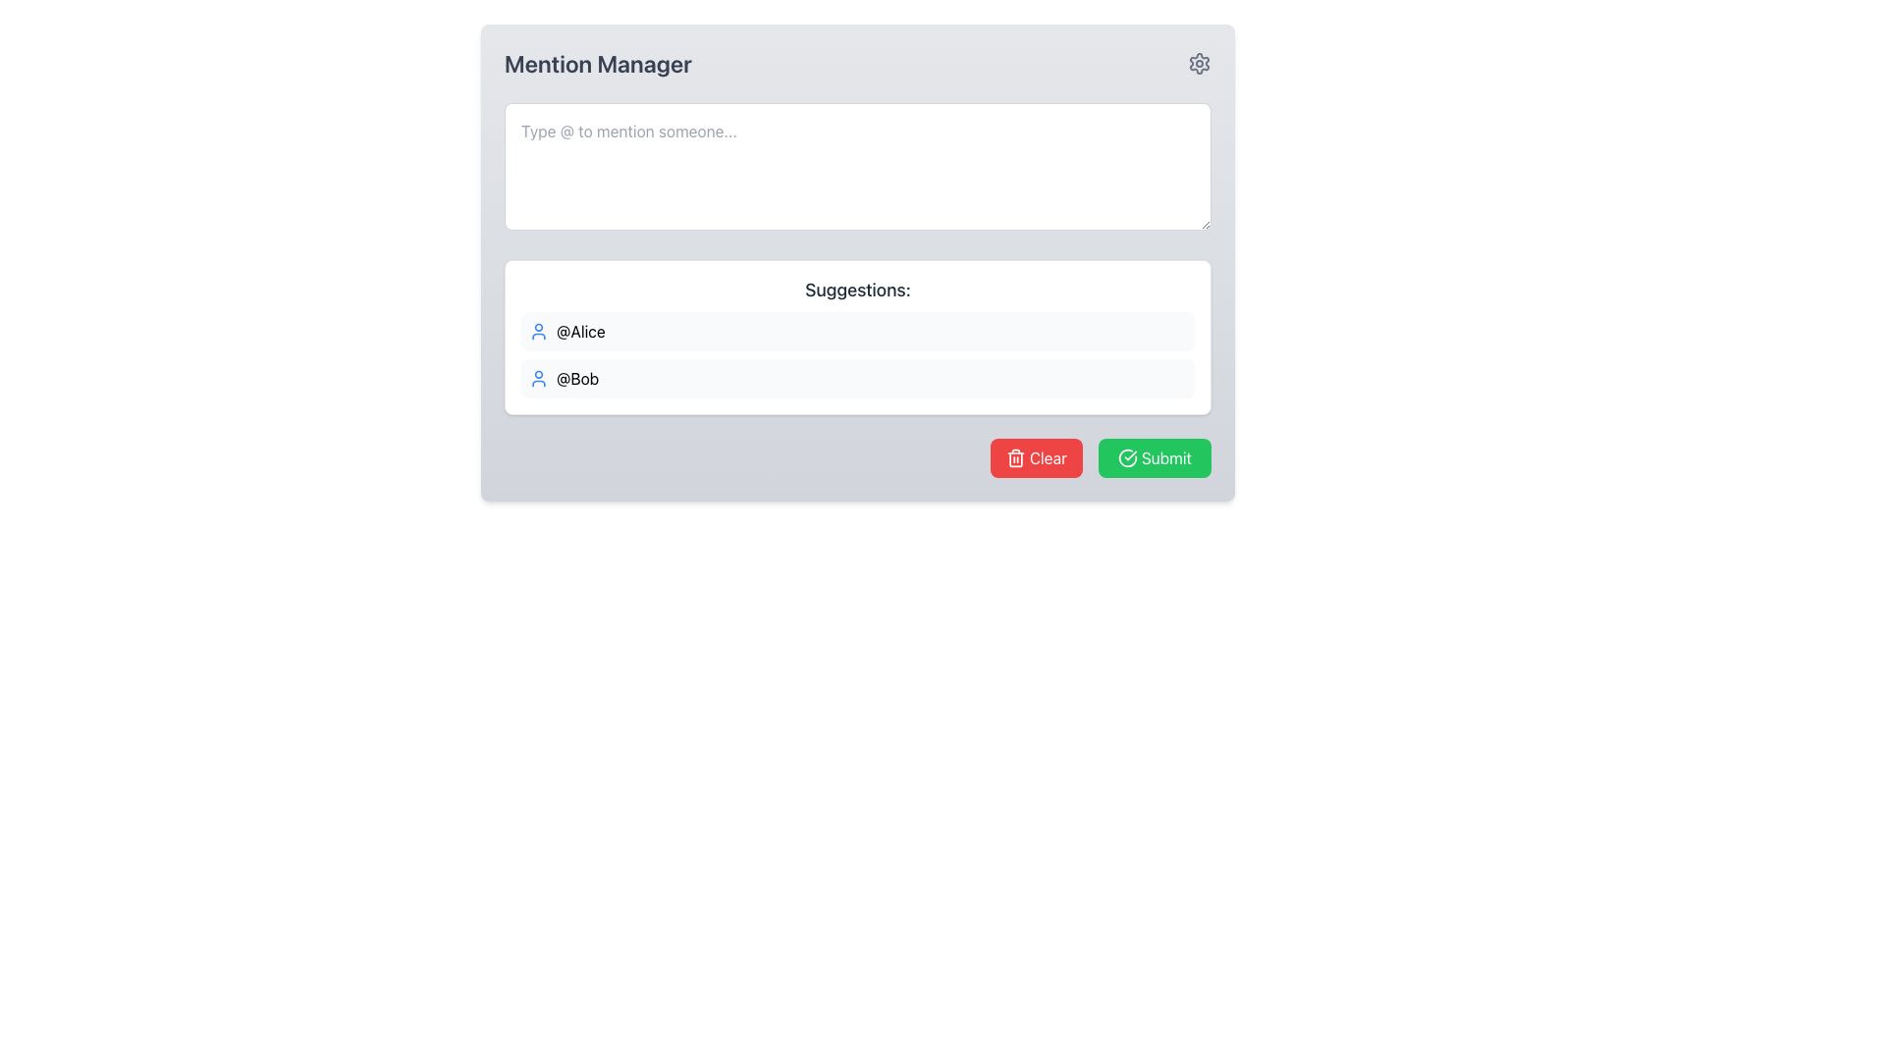 This screenshot has width=1885, height=1060. Describe the element at coordinates (1127, 457) in the screenshot. I see `the icon located at the leftmost part of the green 'Submit' button, which is adjacent to the text label 'Submit'` at that location.